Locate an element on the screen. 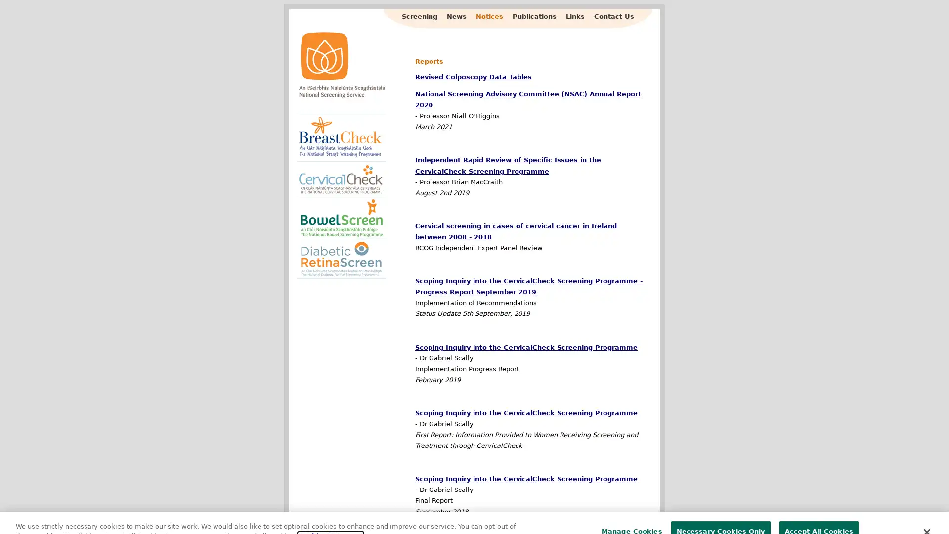 The width and height of the screenshot is (949, 534). Close is located at coordinates (926, 512).